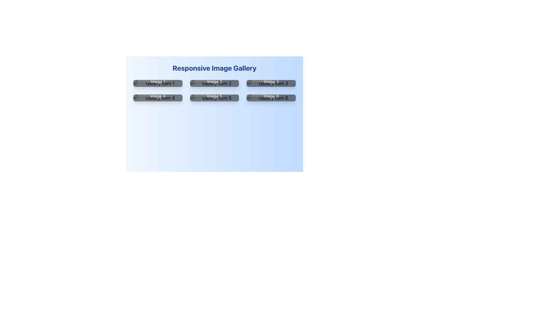 The width and height of the screenshot is (559, 314). Describe the element at coordinates (214, 97) in the screenshot. I see `the thumbnail image for the fifth gallery item located in the bottom-center cell of a 2x3 grid layout` at that location.